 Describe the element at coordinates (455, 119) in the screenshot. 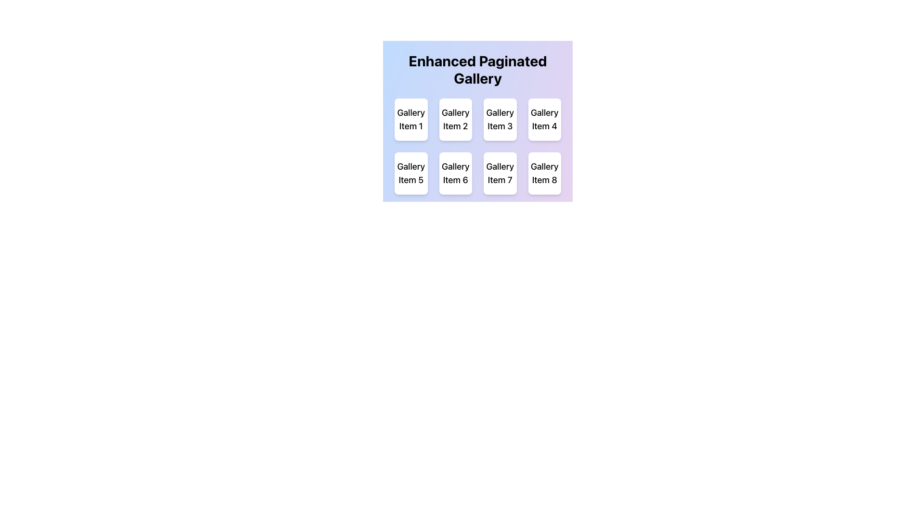

I see `the rectangular card with the text 'Gallery Item 2', which is the second item in the first row of a 4-column grid layout` at that location.